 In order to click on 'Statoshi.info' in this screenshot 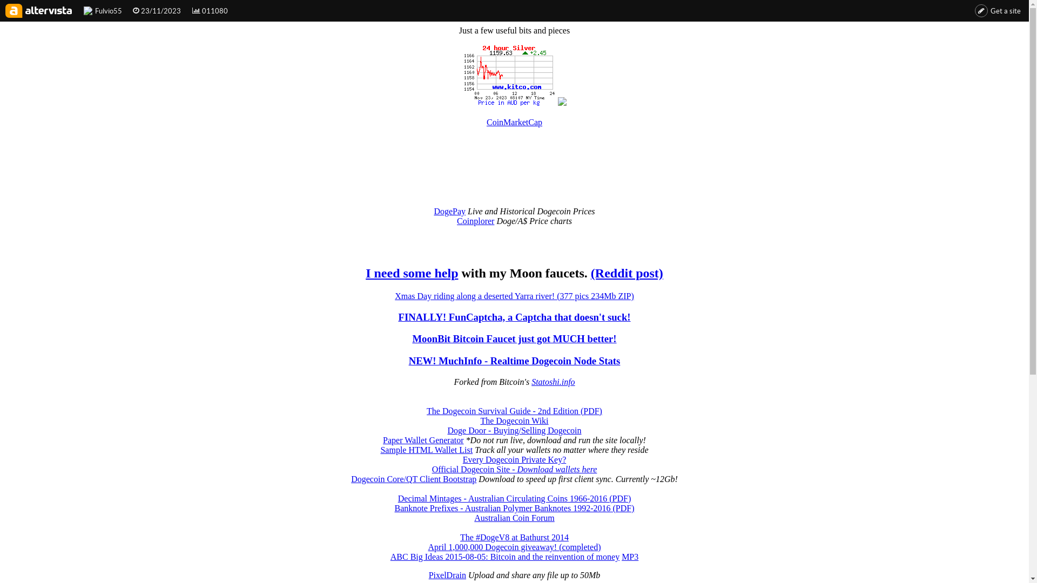, I will do `click(553, 381)`.